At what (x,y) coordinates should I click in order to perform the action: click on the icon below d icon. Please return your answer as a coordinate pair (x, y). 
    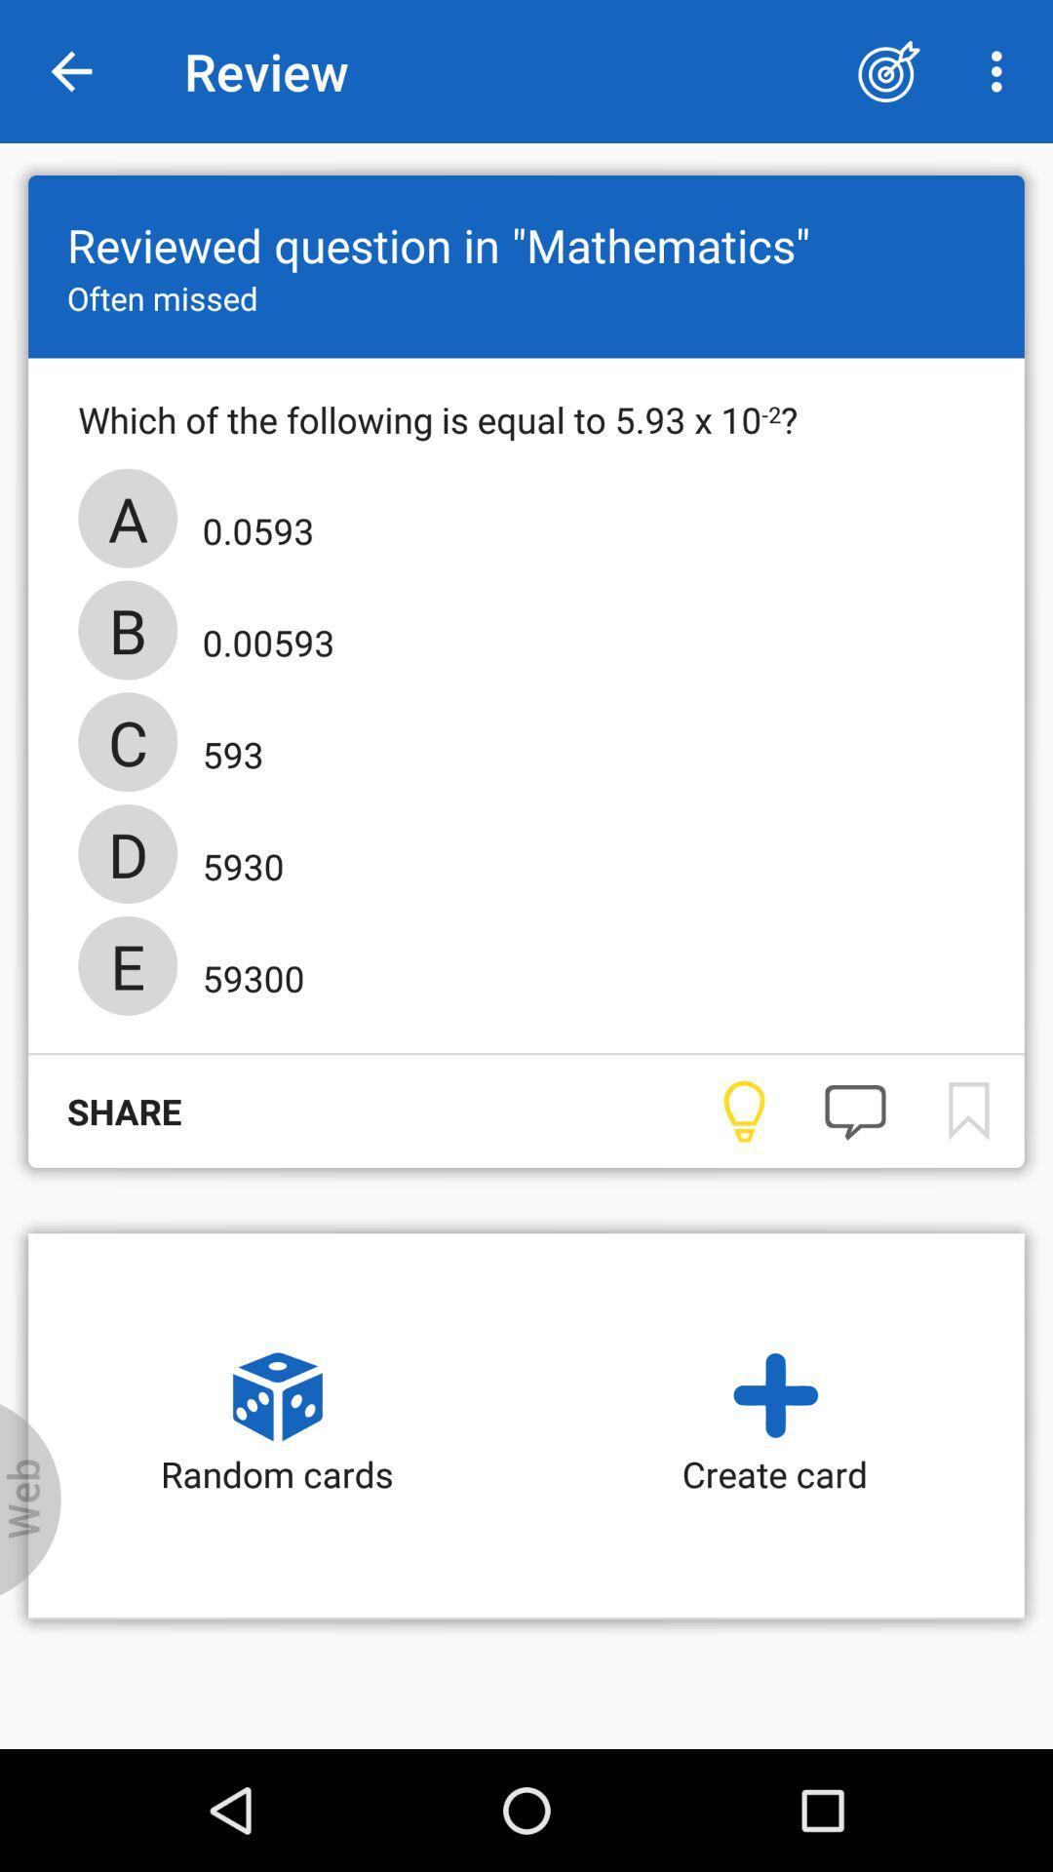
    Looking at the image, I should click on (246, 972).